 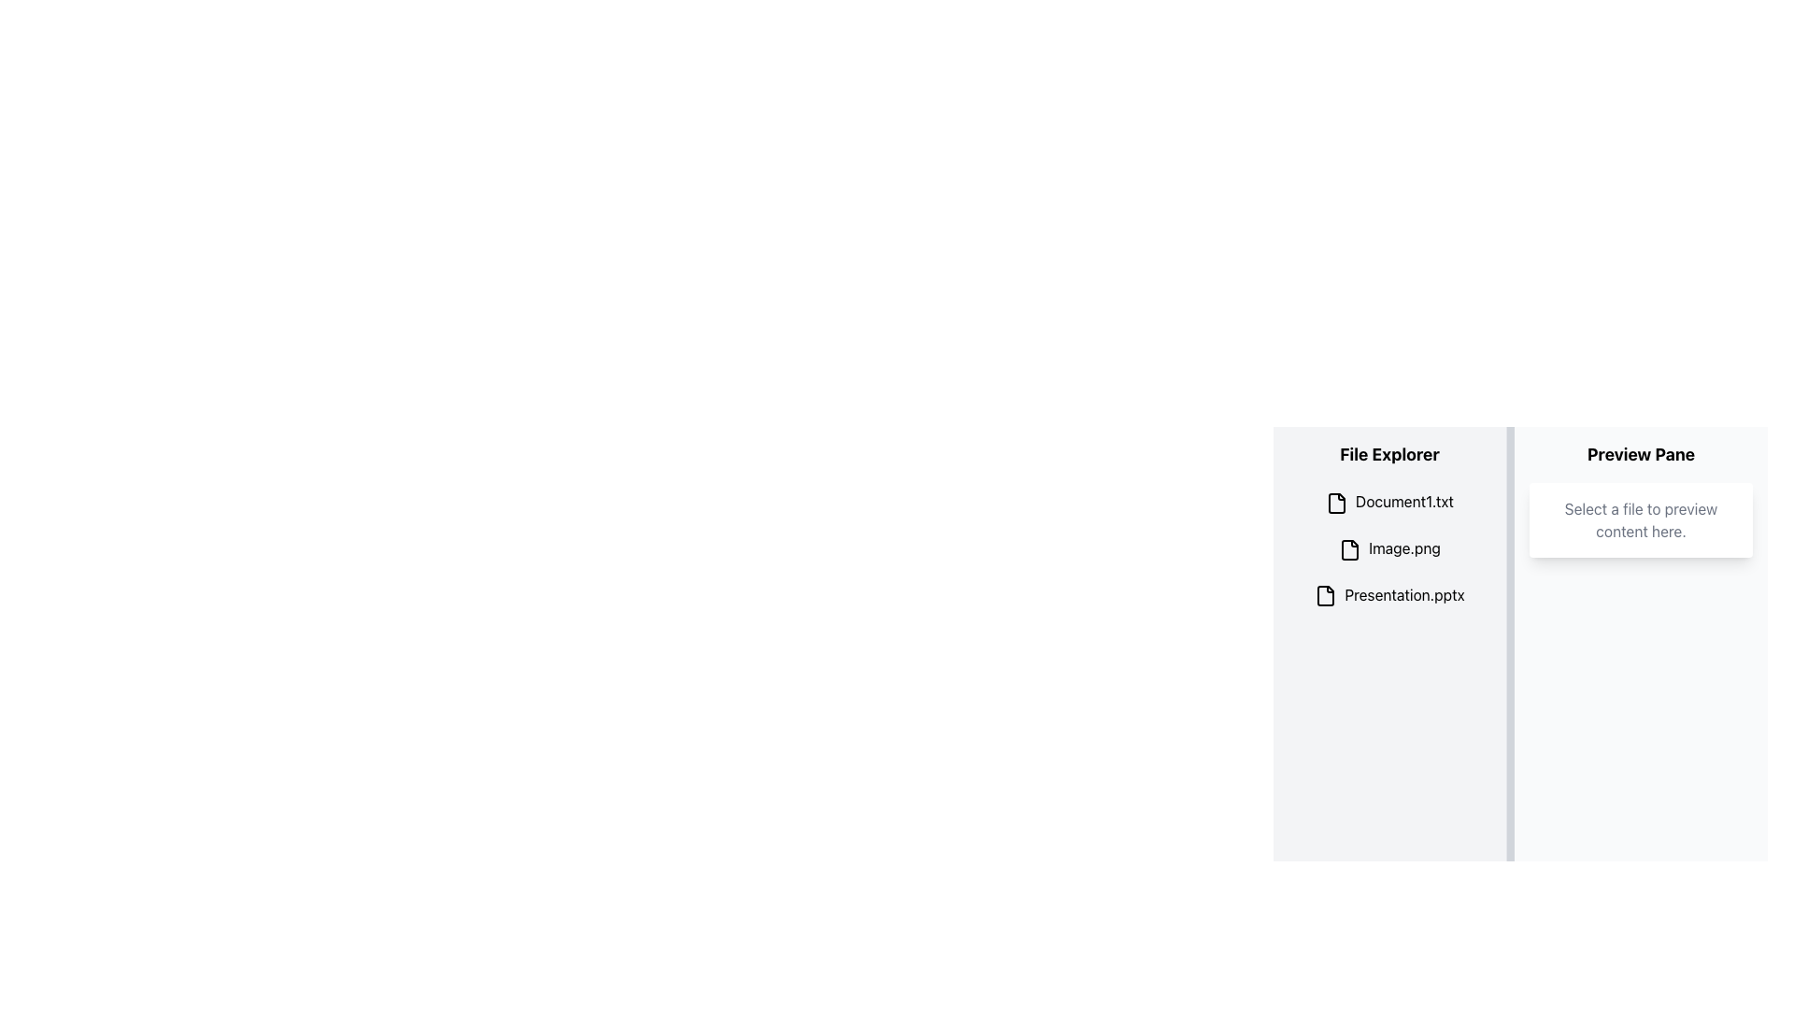 What do you see at coordinates (1640, 519) in the screenshot?
I see `the text label that reads 'Select a file` at bounding box center [1640, 519].